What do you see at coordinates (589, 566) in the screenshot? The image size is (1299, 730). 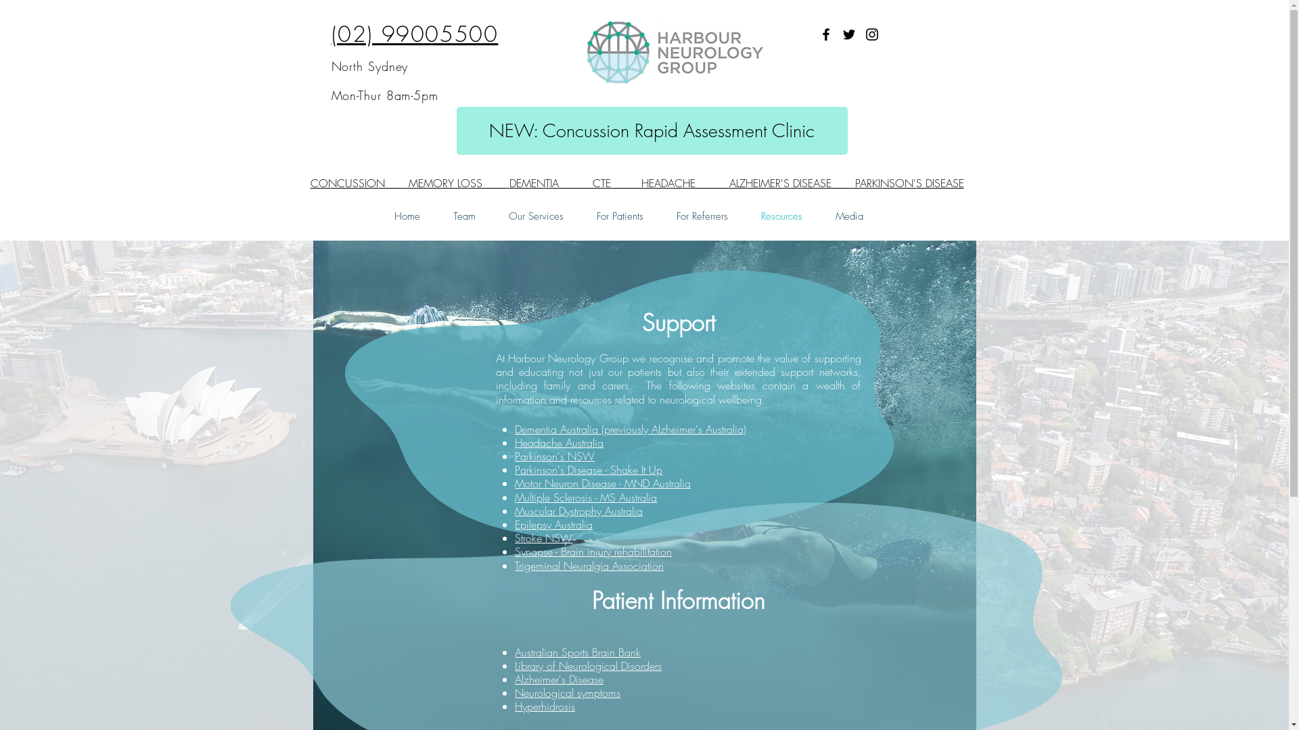 I see `'Trigeminal Neuralgia Association'` at bounding box center [589, 566].